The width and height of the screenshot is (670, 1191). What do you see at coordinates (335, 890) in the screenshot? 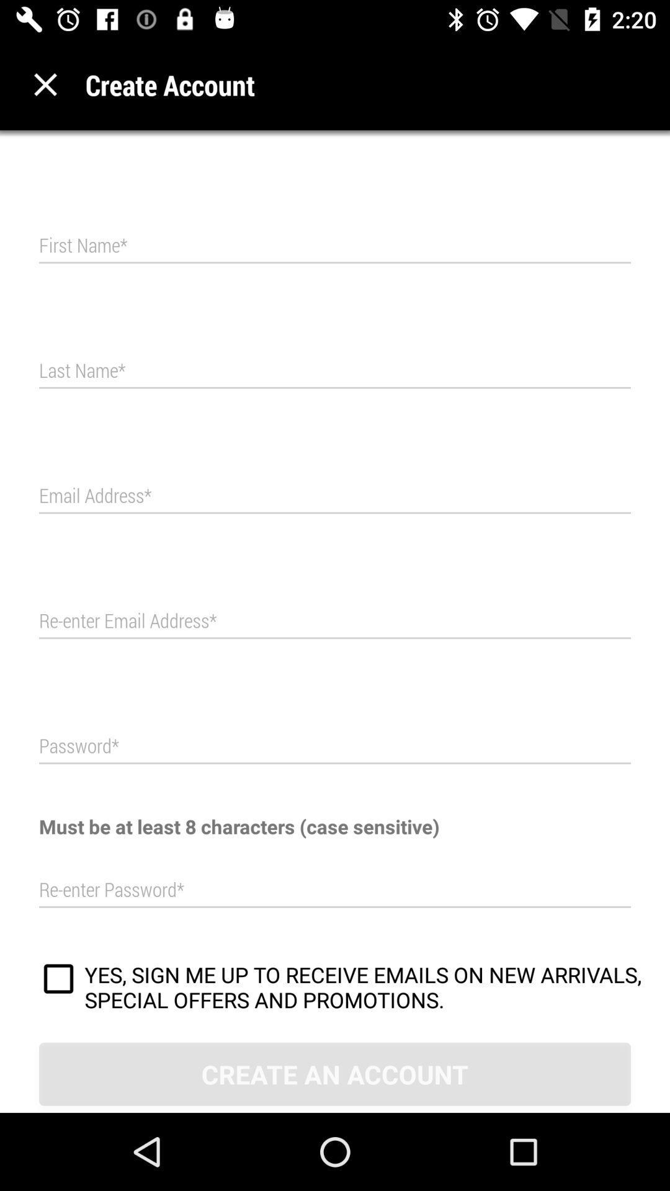
I see `the reenter password  field` at bounding box center [335, 890].